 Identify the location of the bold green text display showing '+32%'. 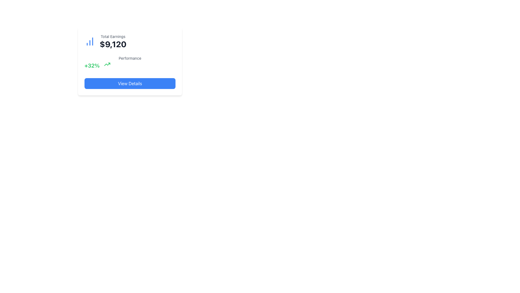
(92, 65).